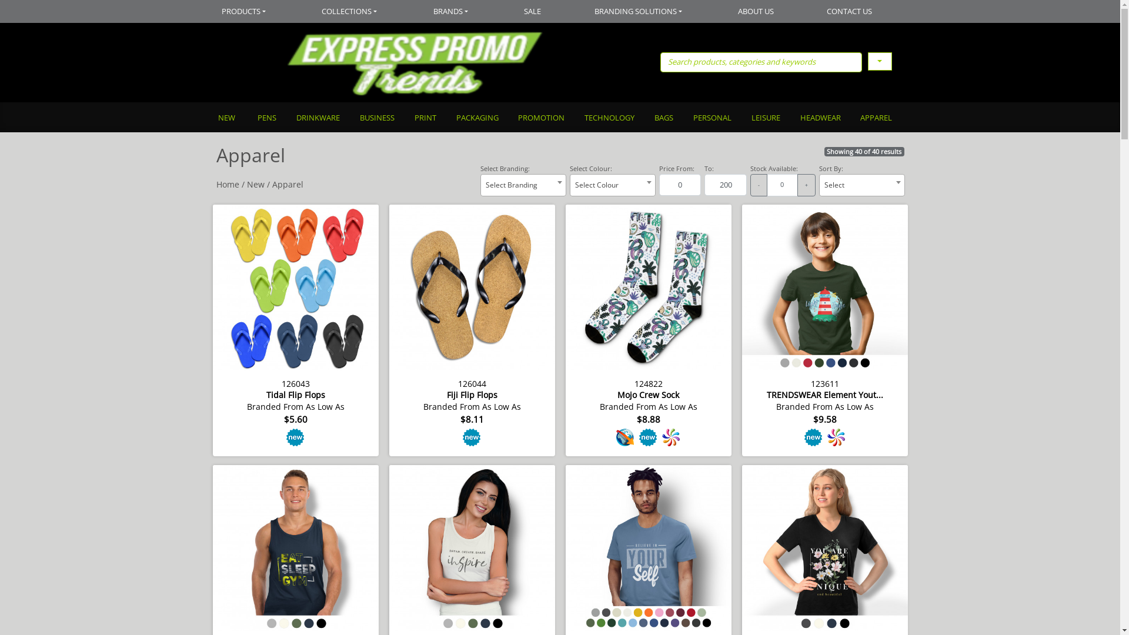  Describe the element at coordinates (255, 184) in the screenshot. I see `'New'` at that location.